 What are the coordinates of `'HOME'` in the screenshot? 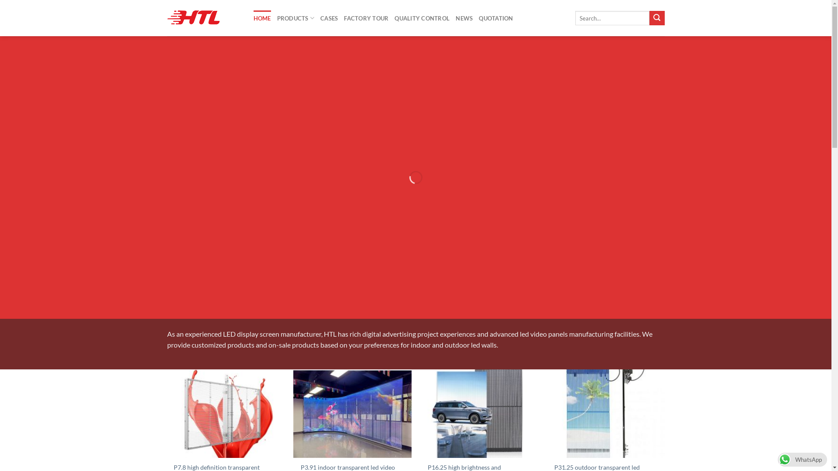 It's located at (253, 18).